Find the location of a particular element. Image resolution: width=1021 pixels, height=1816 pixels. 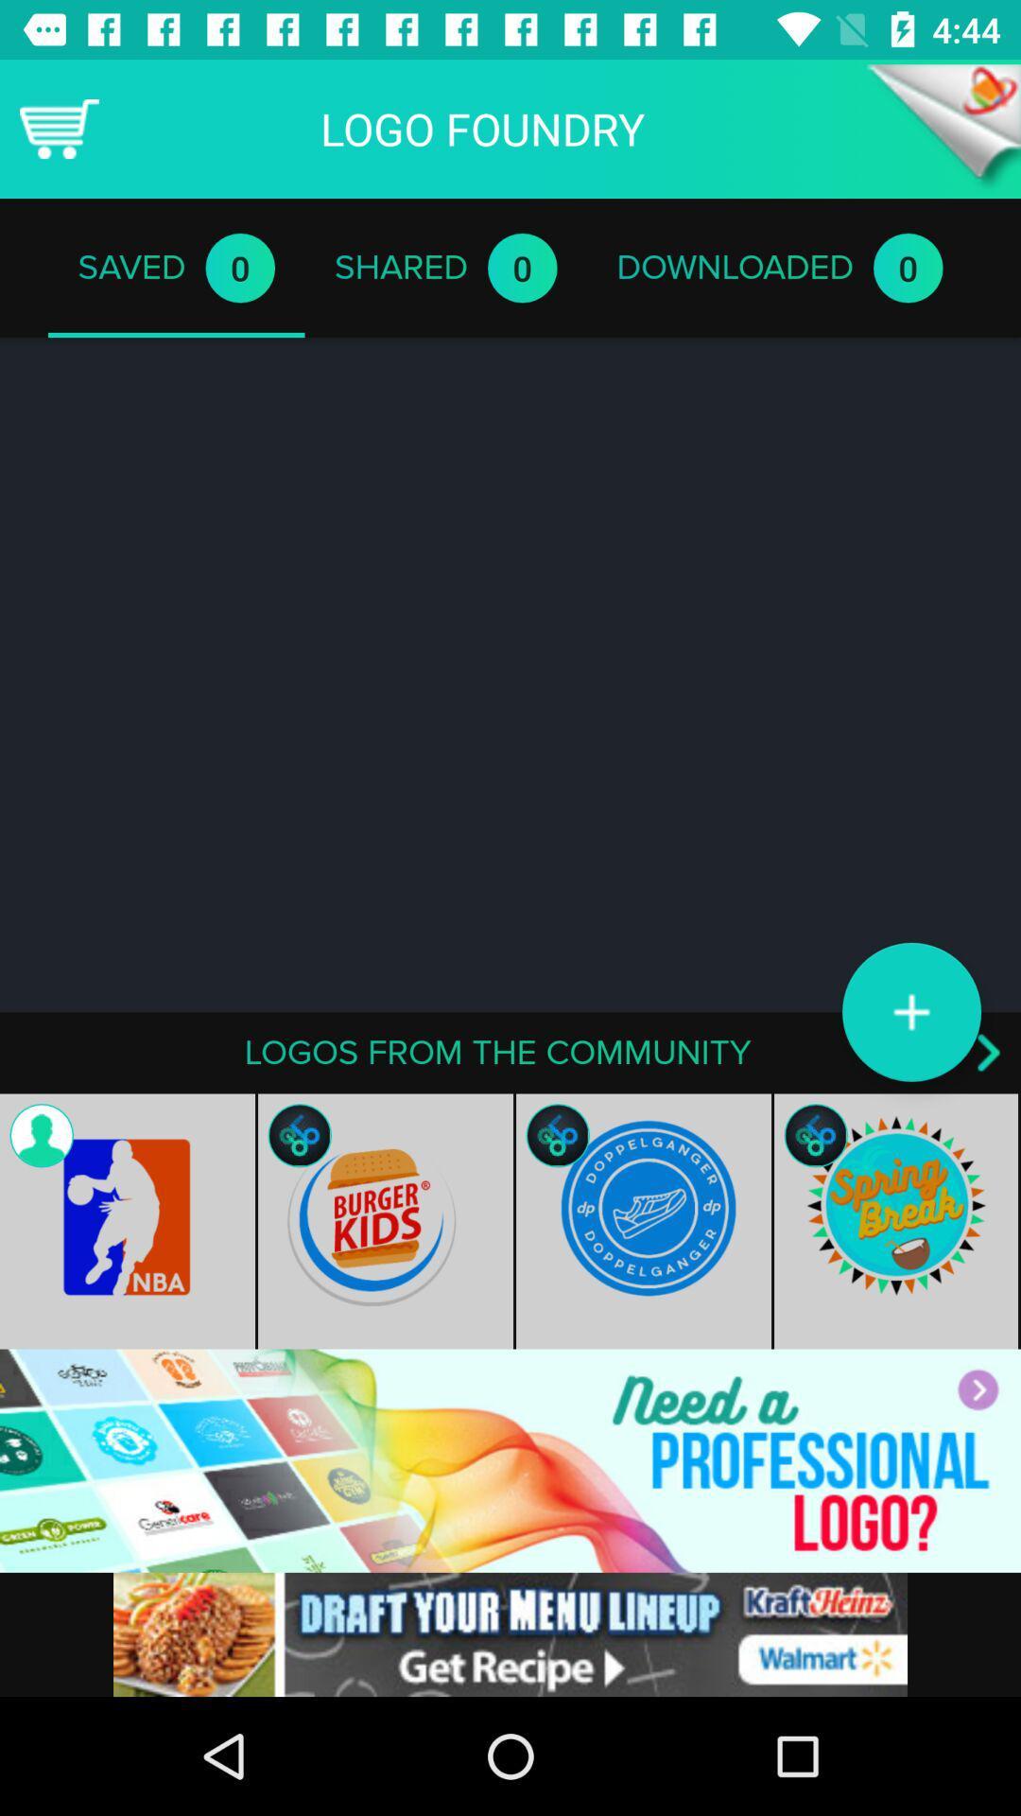

advertisement website is located at coordinates (510, 1459).